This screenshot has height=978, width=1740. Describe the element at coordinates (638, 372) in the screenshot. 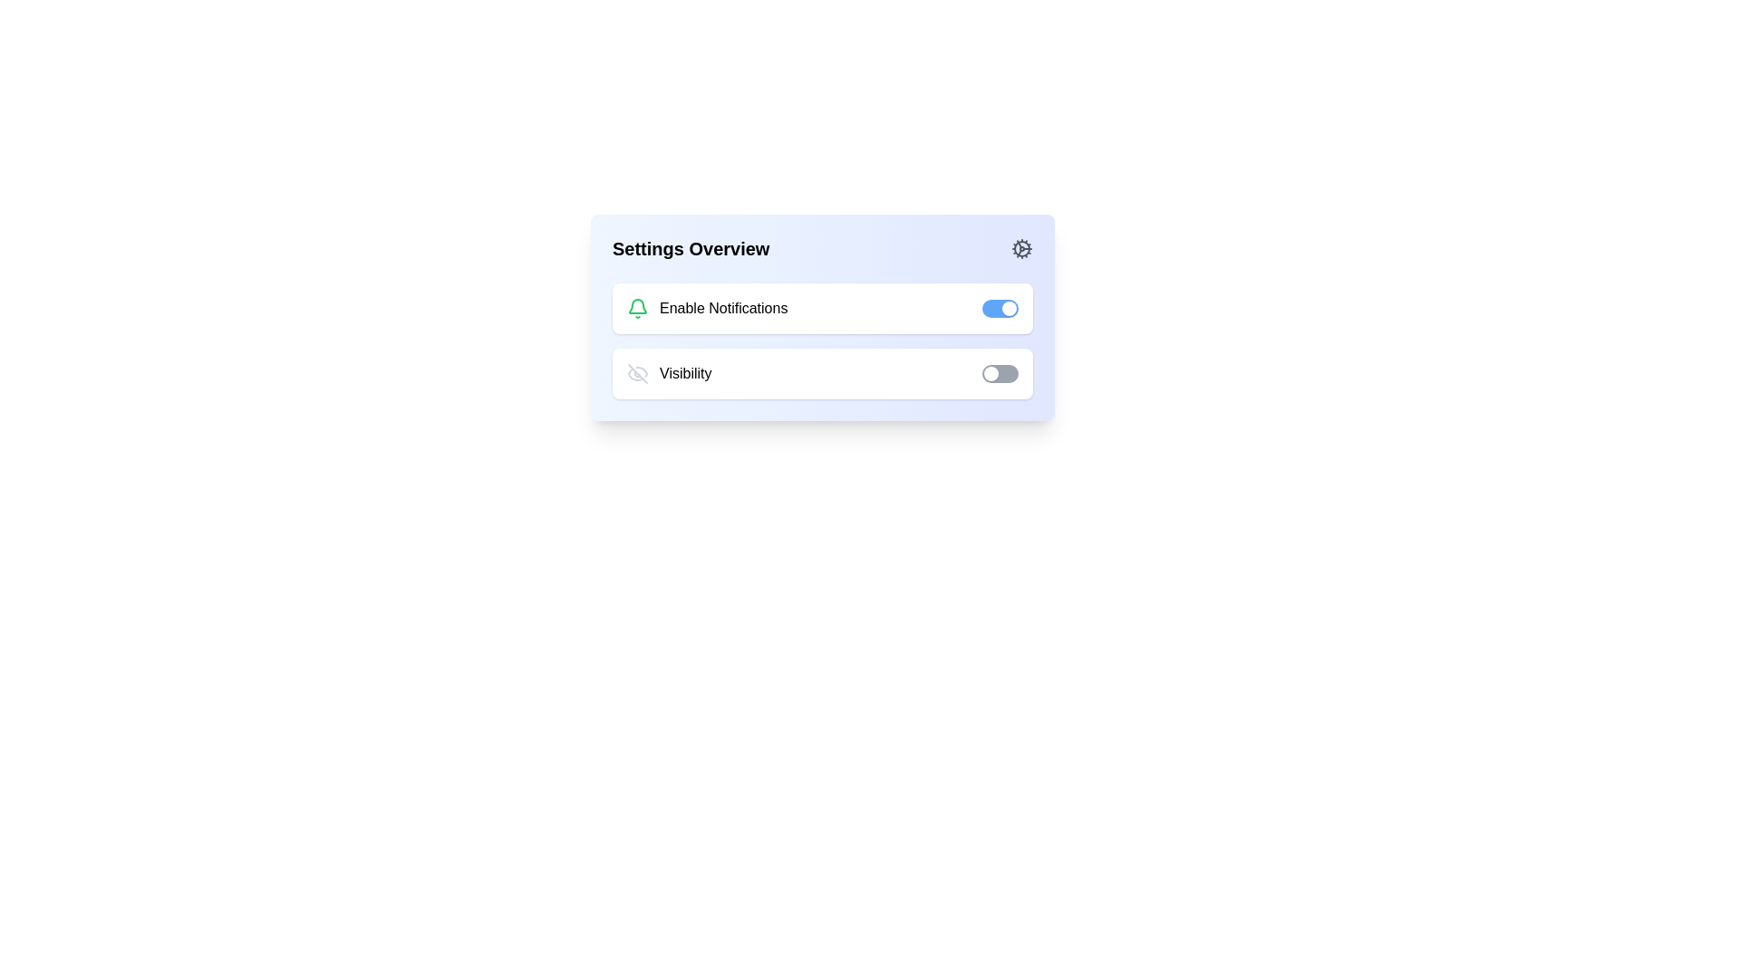

I see `the visibility toggle icon located in the second setting row of the settings panel` at that location.